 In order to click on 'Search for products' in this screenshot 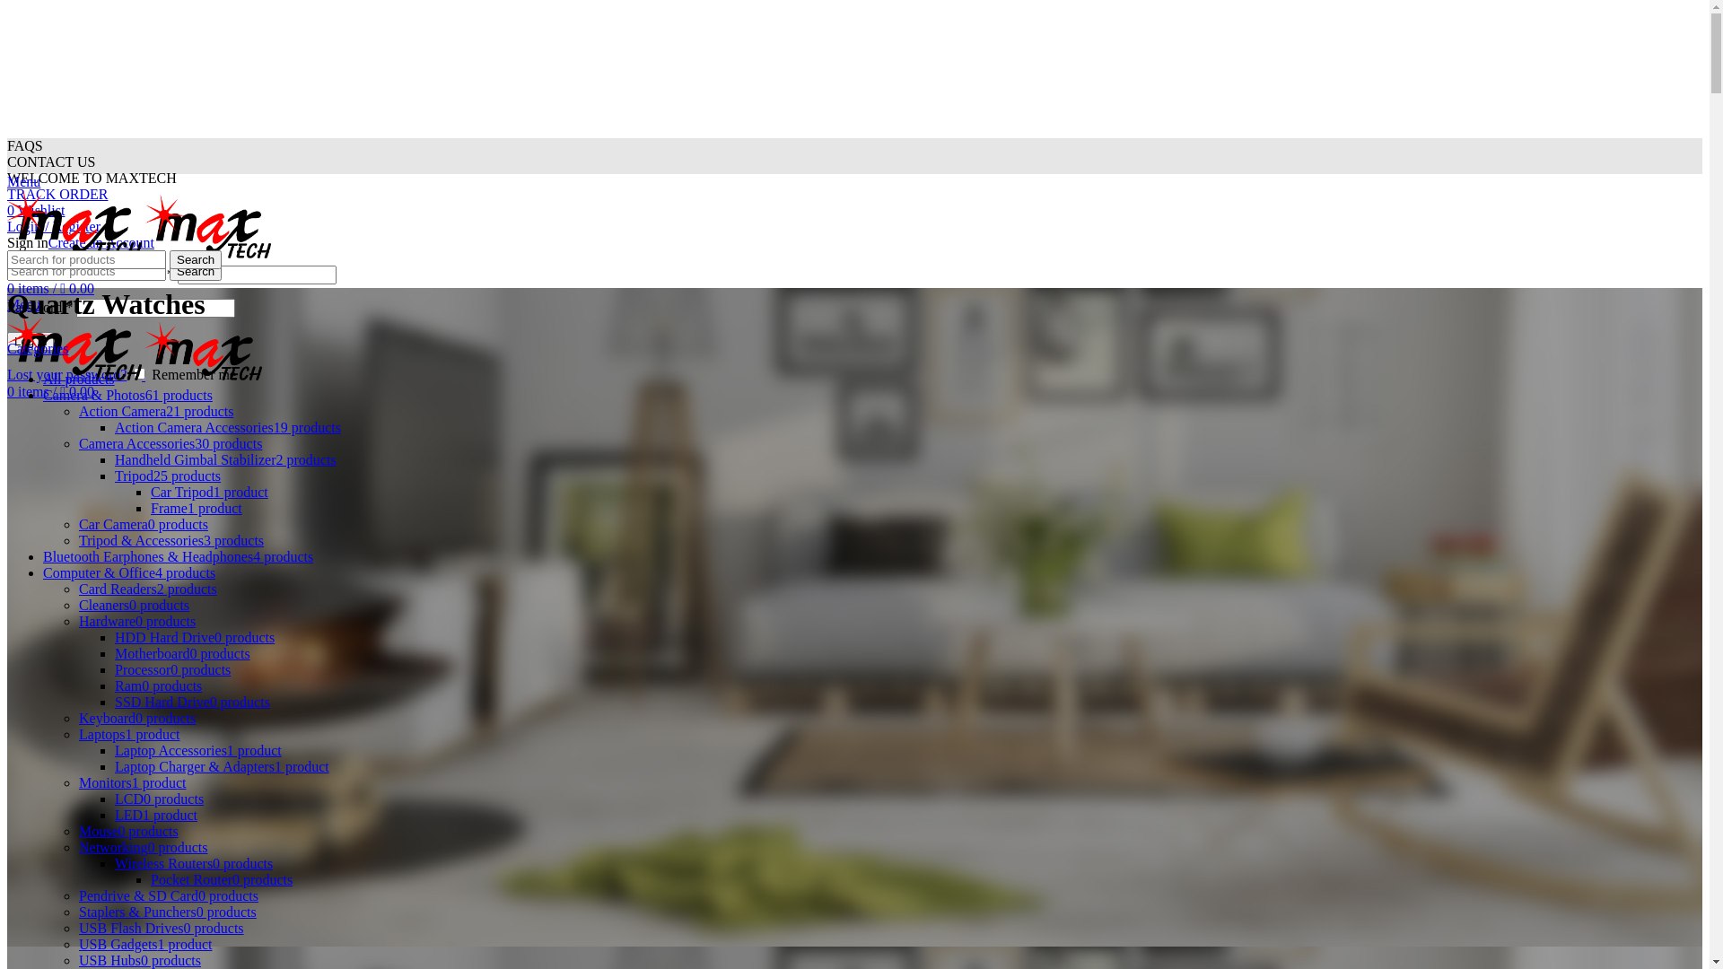, I will do `click(85, 271)`.